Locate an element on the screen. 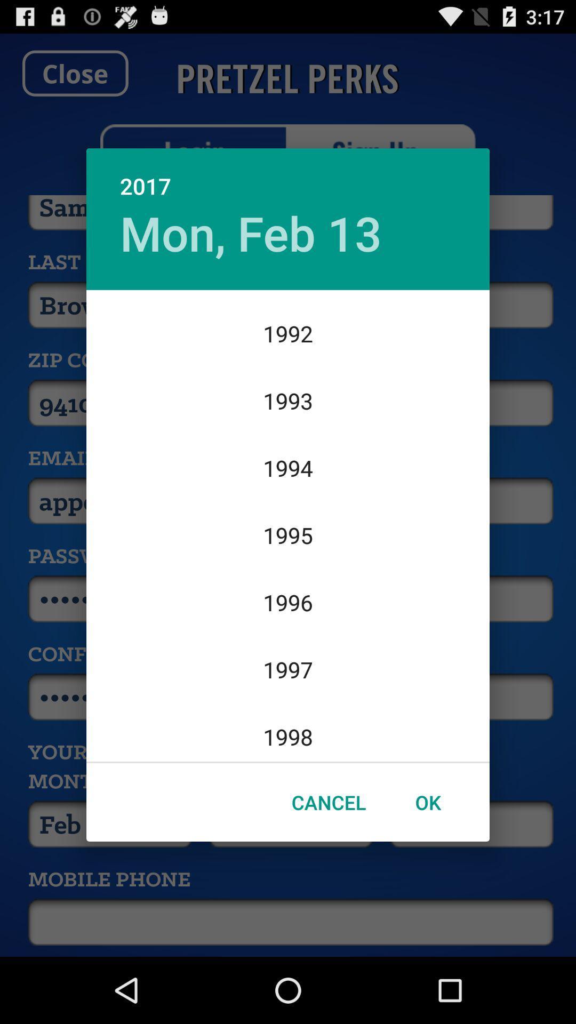 The width and height of the screenshot is (576, 1024). the ok icon is located at coordinates (427, 802).